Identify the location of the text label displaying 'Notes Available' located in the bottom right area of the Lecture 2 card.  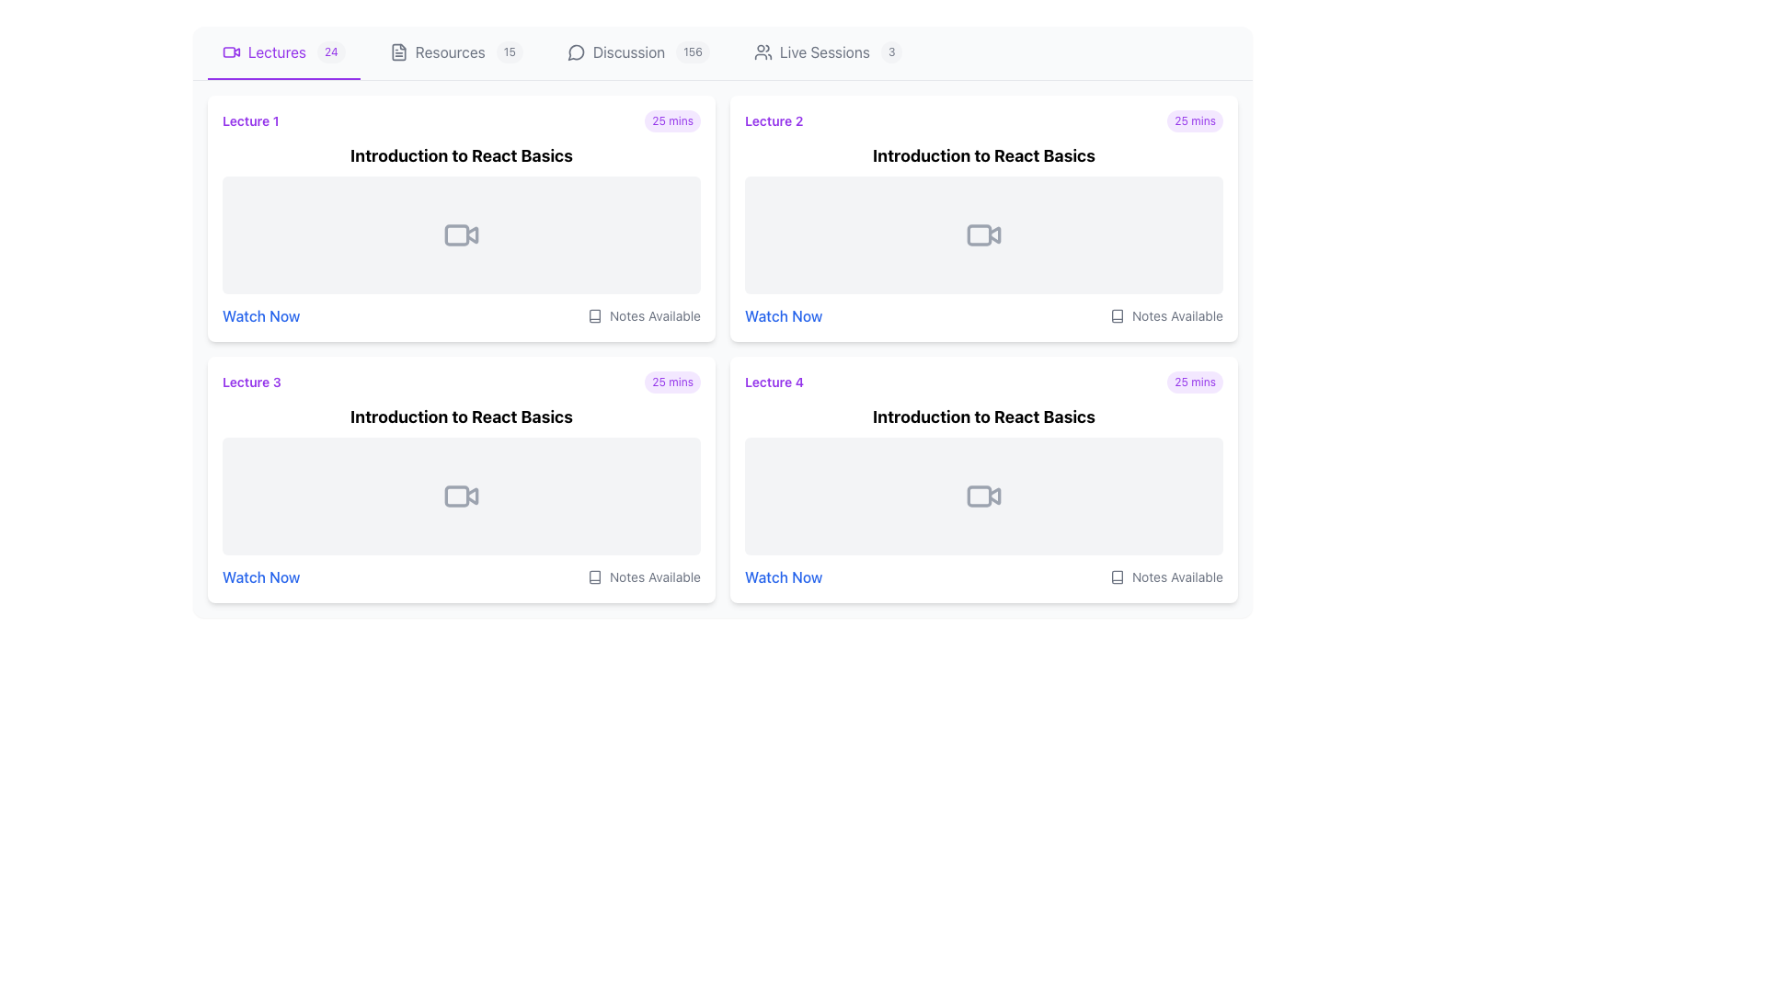
(655, 314).